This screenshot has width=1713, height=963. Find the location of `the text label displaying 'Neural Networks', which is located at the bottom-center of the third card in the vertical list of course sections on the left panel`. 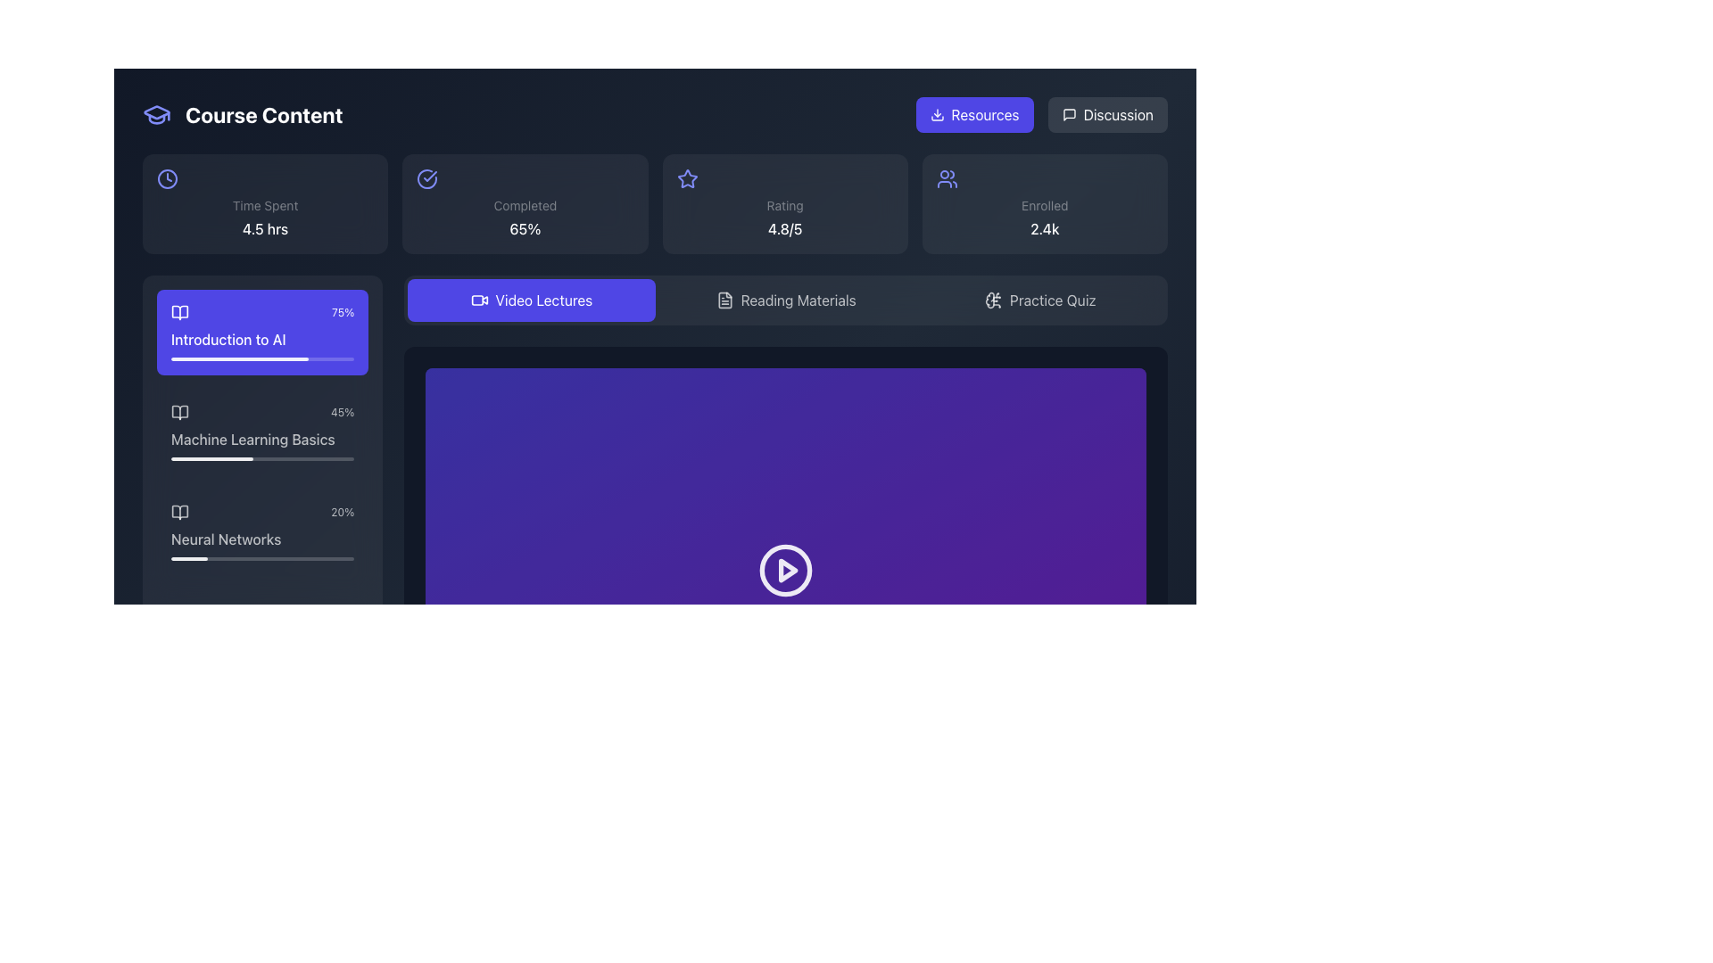

the text label displaying 'Neural Networks', which is located at the bottom-center of the third card in the vertical list of course sections on the left panel is located at coordinates (261, 539).